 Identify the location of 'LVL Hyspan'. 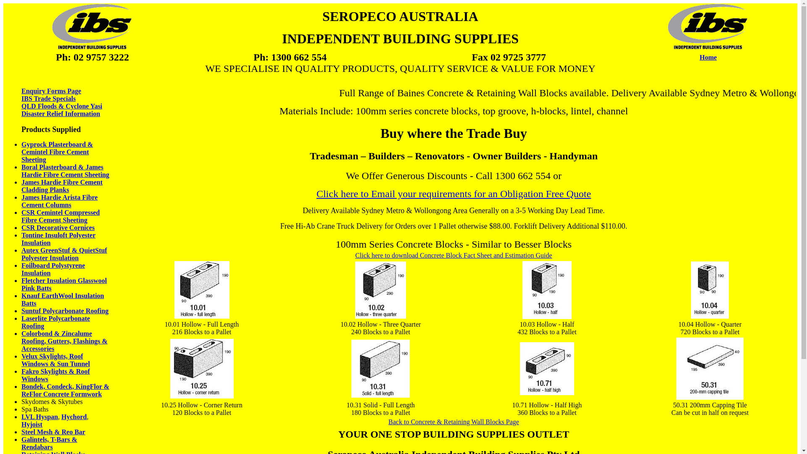
(39, 417).